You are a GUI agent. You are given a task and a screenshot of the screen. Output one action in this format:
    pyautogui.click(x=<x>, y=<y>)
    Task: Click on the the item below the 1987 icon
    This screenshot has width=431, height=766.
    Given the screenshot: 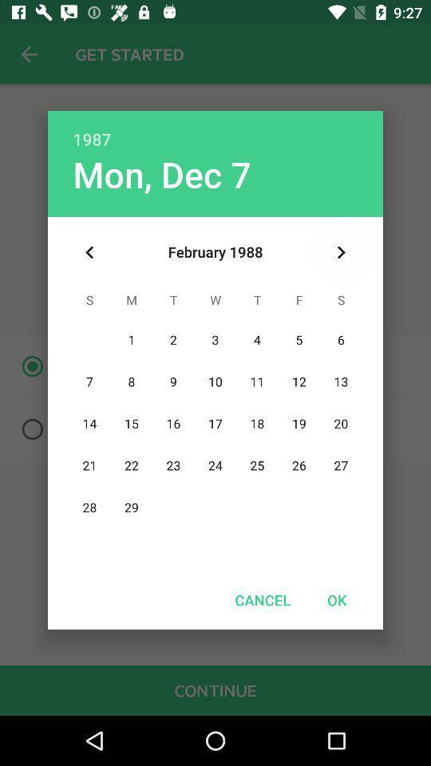 What is the action you would take?
    pyautogui.click(x=340, y=252)
    